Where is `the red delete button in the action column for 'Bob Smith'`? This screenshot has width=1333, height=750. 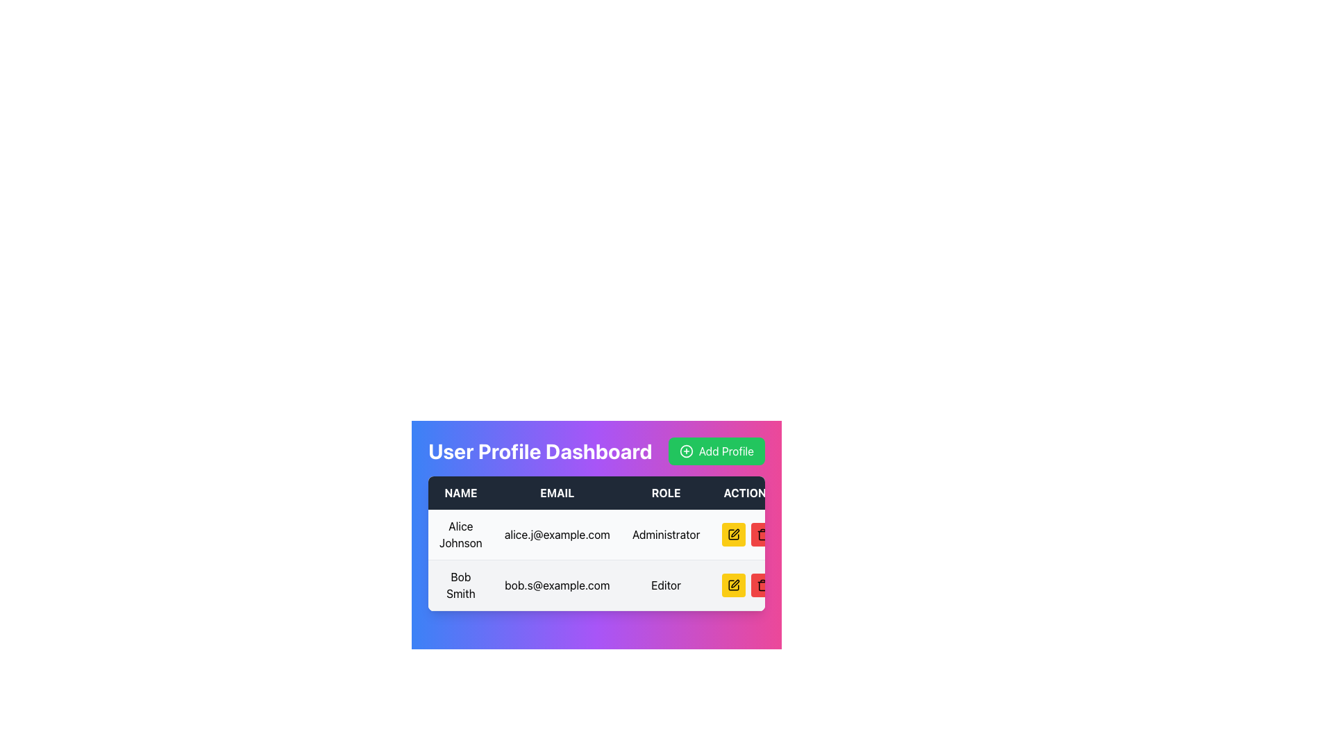
the red delete button in the action column for 'Bob Smith' is located at coordinates (748, 585).